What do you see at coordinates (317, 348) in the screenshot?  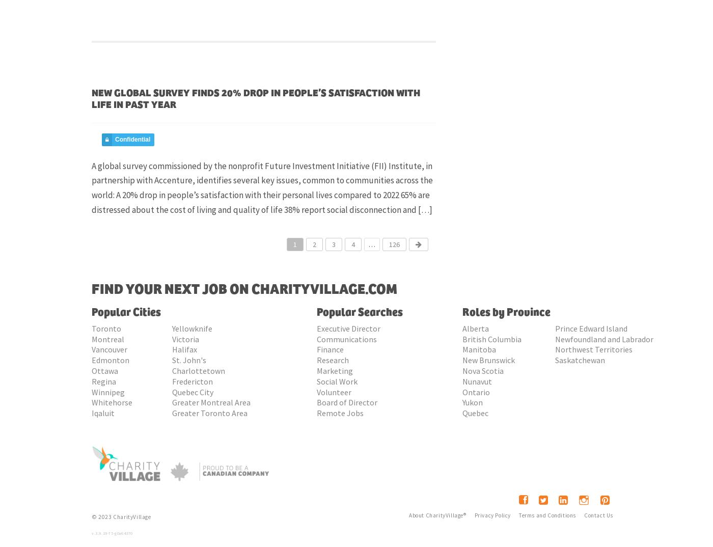 I see `'Finance'` at bounding box center [317, 348].